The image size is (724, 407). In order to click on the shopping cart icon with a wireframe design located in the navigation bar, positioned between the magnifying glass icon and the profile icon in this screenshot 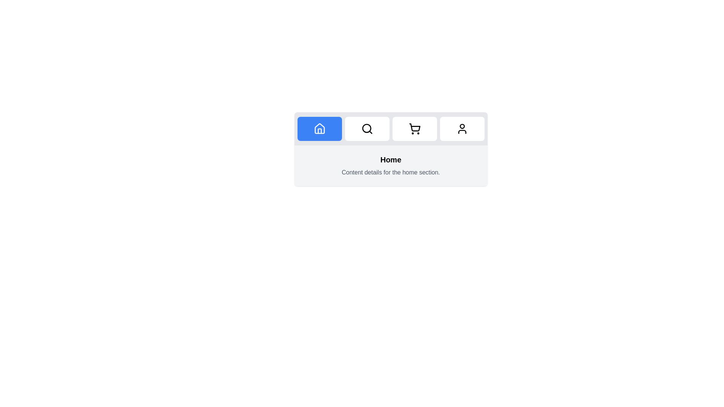, I will do `click(414, 129)`.